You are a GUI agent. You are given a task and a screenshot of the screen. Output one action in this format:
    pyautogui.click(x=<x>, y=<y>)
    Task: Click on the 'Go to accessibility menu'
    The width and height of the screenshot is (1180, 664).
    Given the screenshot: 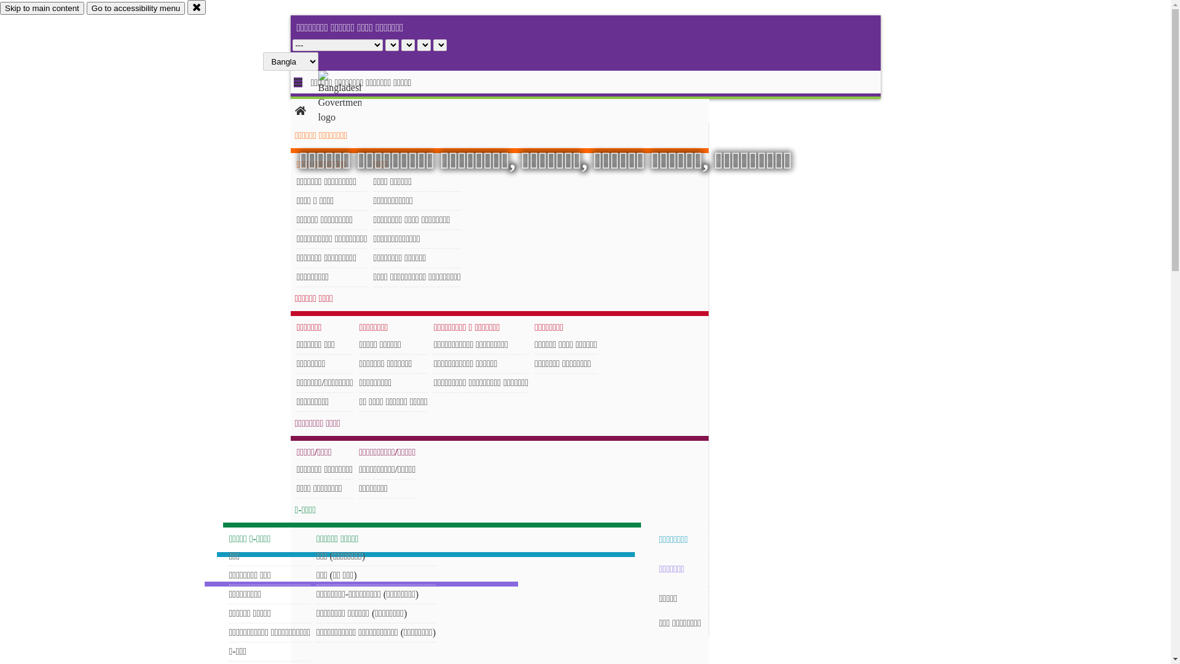 What is the action you would take?
    pyautogui.click(x=135, y=8)
    